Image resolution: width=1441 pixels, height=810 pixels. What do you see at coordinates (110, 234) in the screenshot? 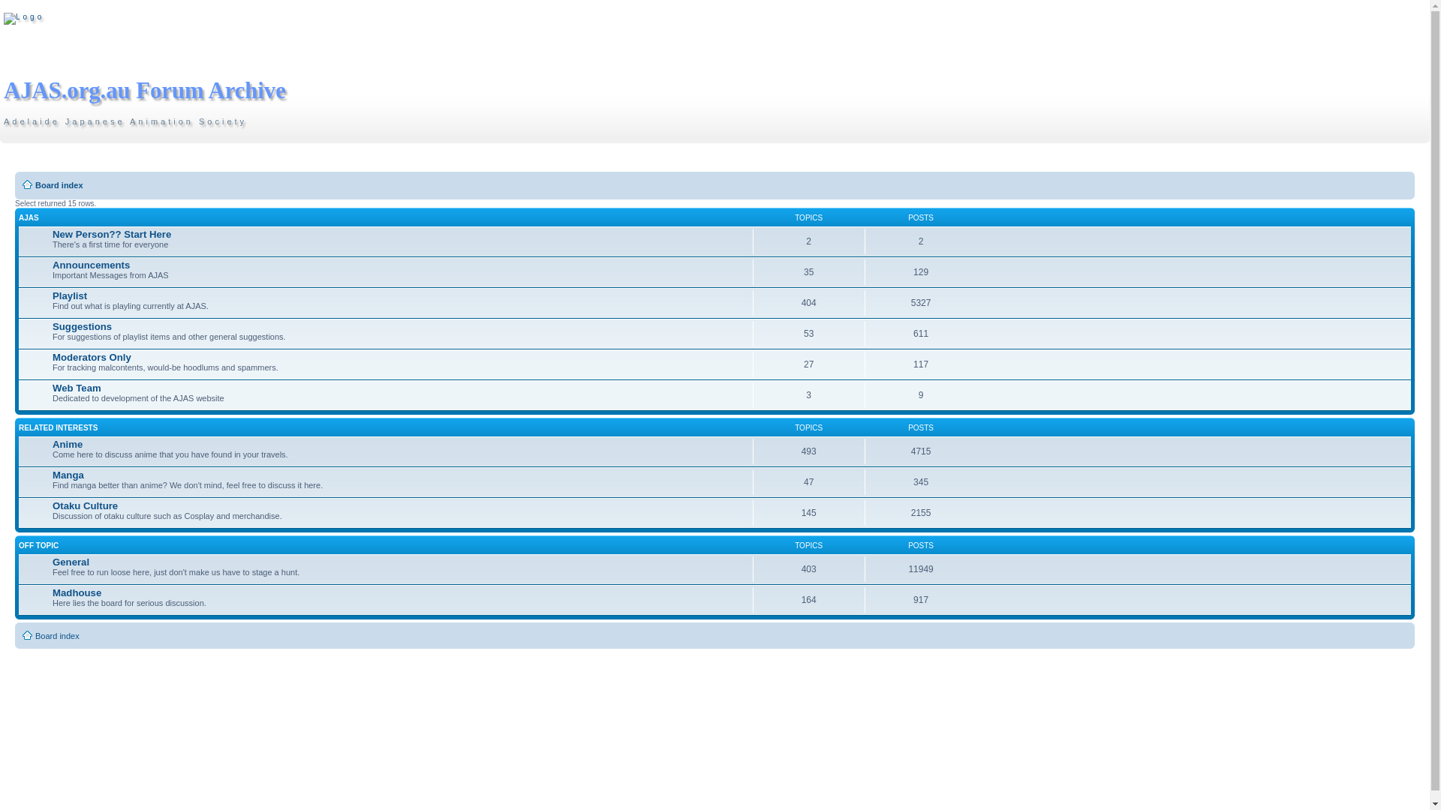
I see `'New Person?? Start Here'` at bounding box center [110, 234].